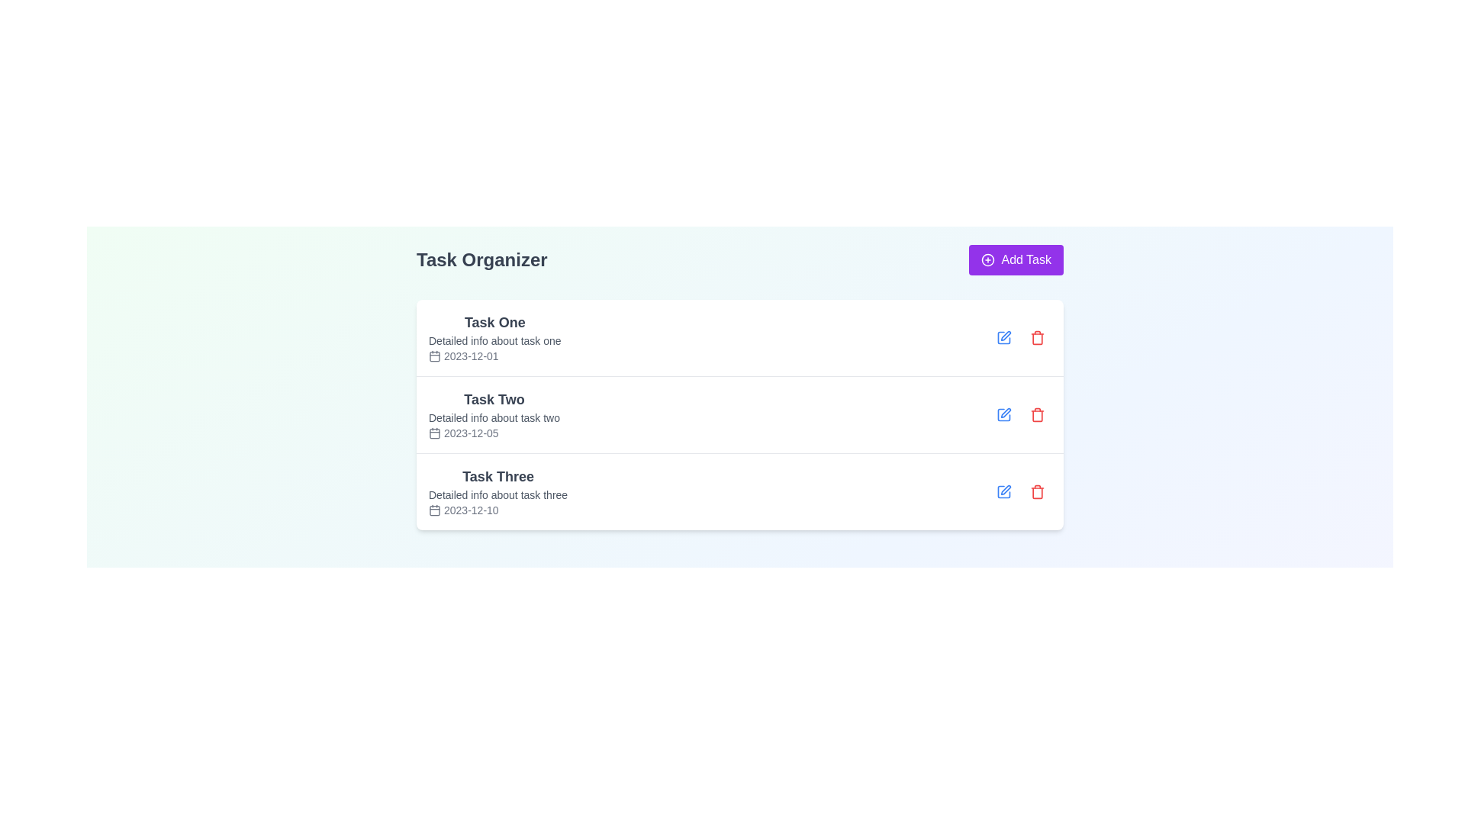  What do you see at coordinates (1006, 413) in the screenshot?
I see `the Vector icon (SVG) located at the center right of the task card labeled 'Task Two' to initiate an edit action` at bounding box center [1006, 413].